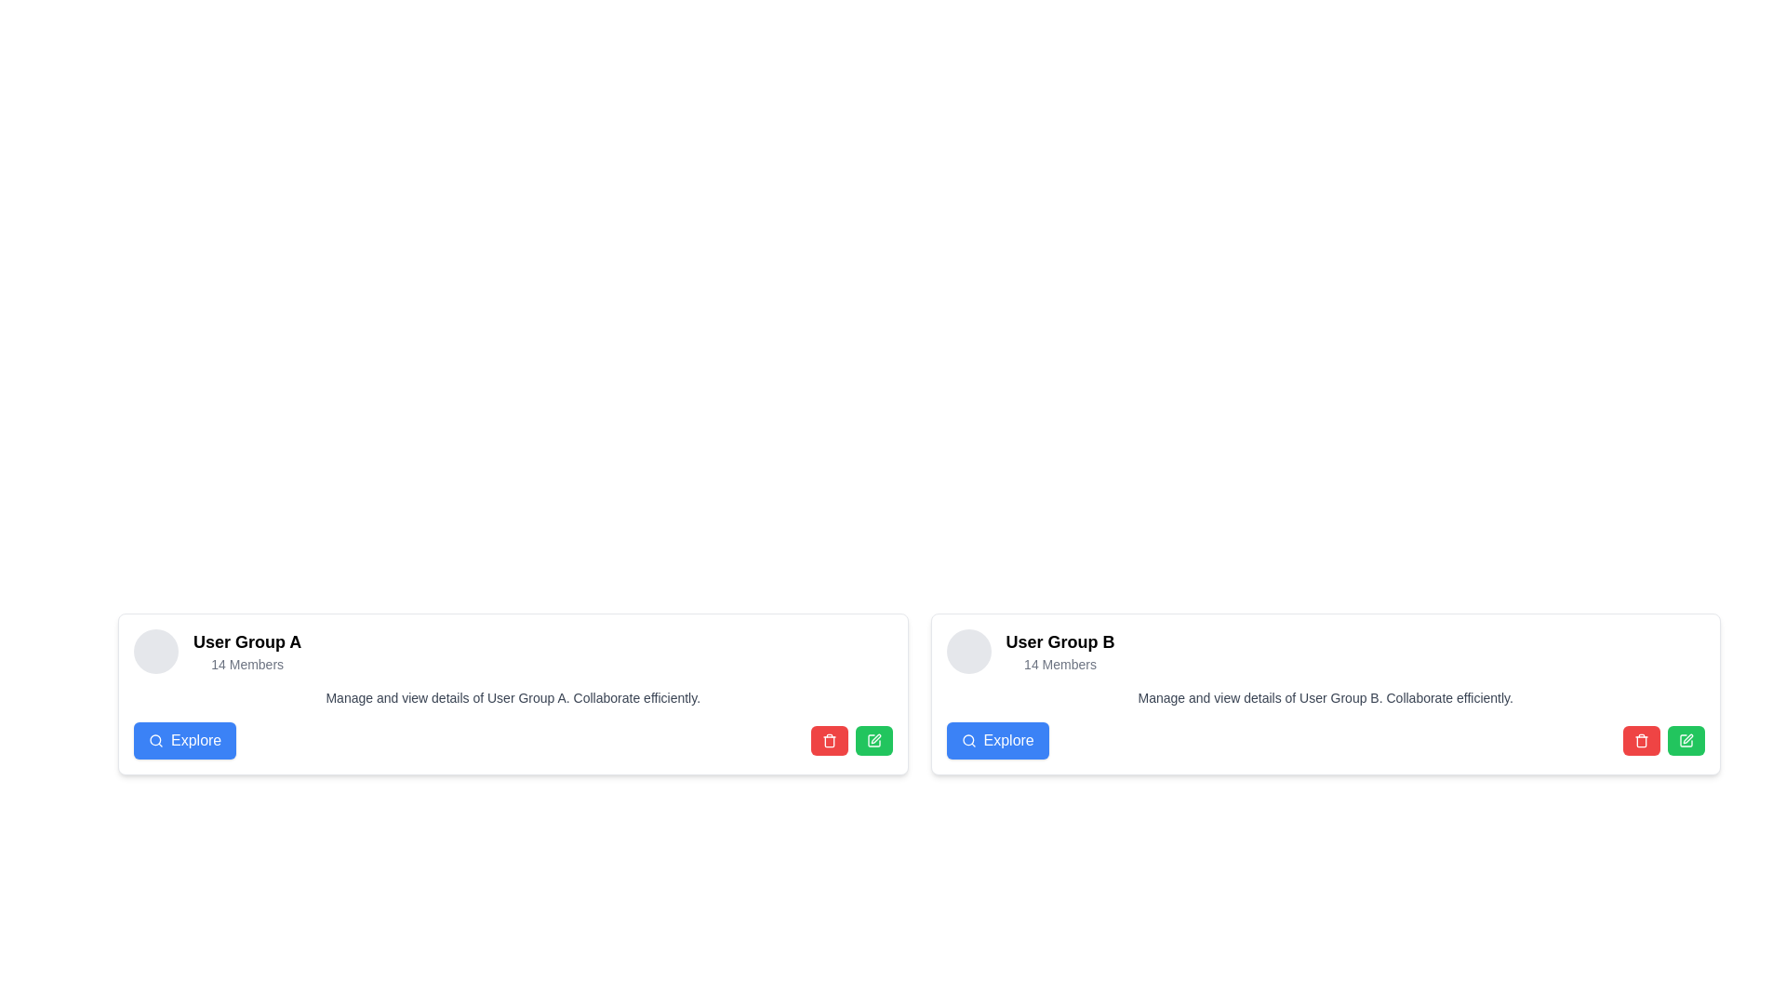 The image size is (1786, 1004). What do you see at coordinates (1642, 741) in the screenshot?
I see `the trash can icon located in the second card labeled 'User Group B'` at bounding box center [1642, 741].